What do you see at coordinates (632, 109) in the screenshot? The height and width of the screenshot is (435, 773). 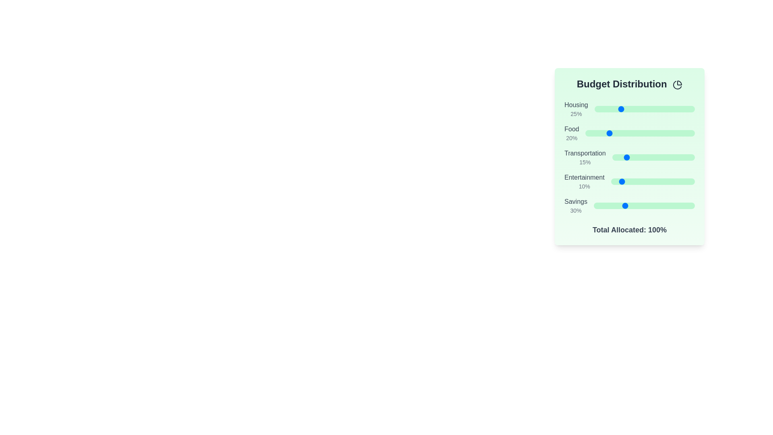 I see `the Housing slider to 38%` at bounding box center [632, 109].